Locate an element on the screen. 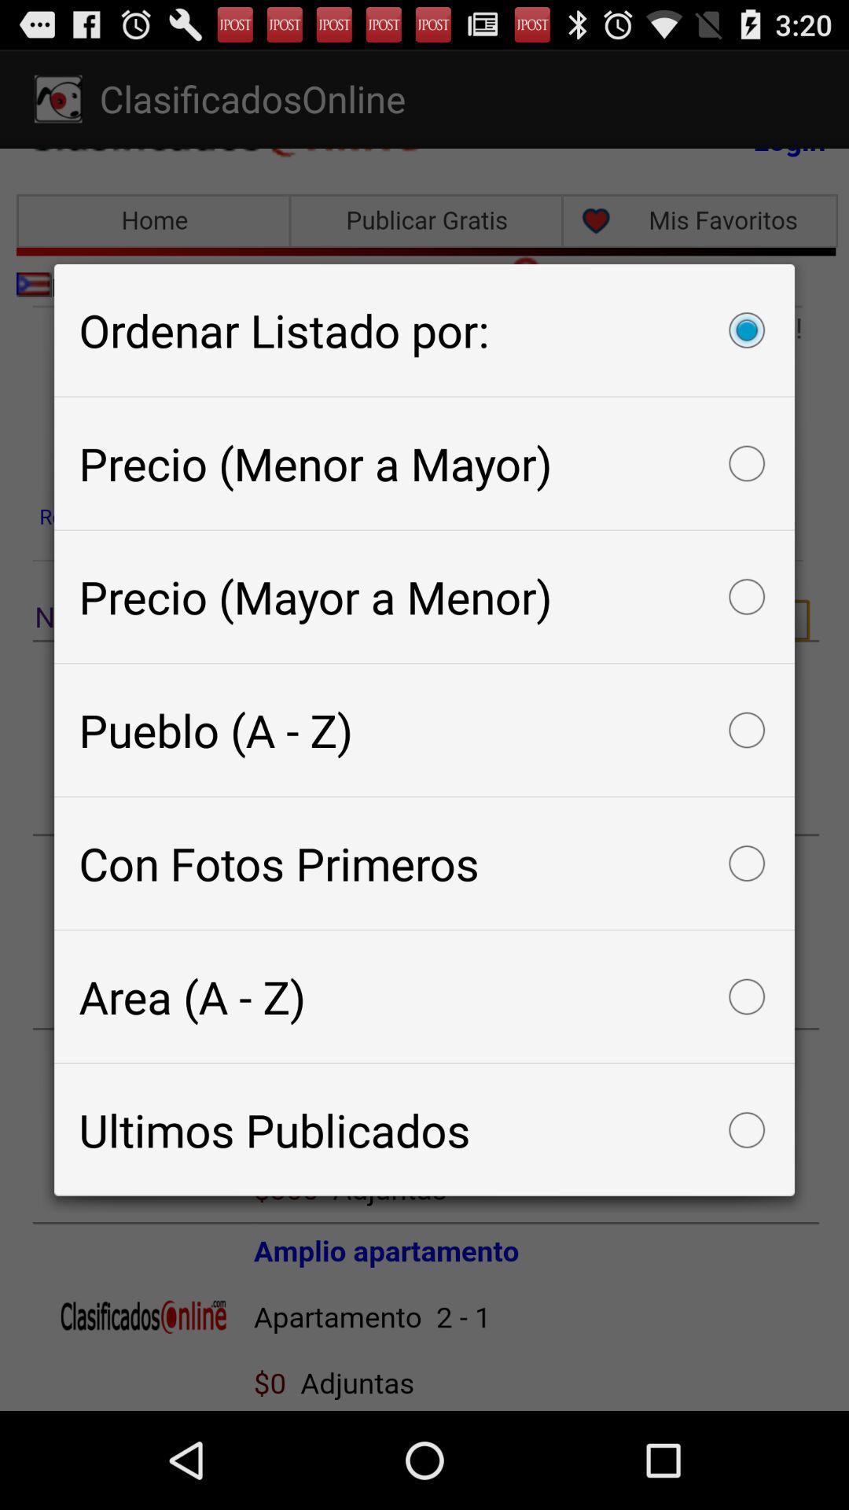  ordenar listado por: checkbox is located at coordinates (424, 329).